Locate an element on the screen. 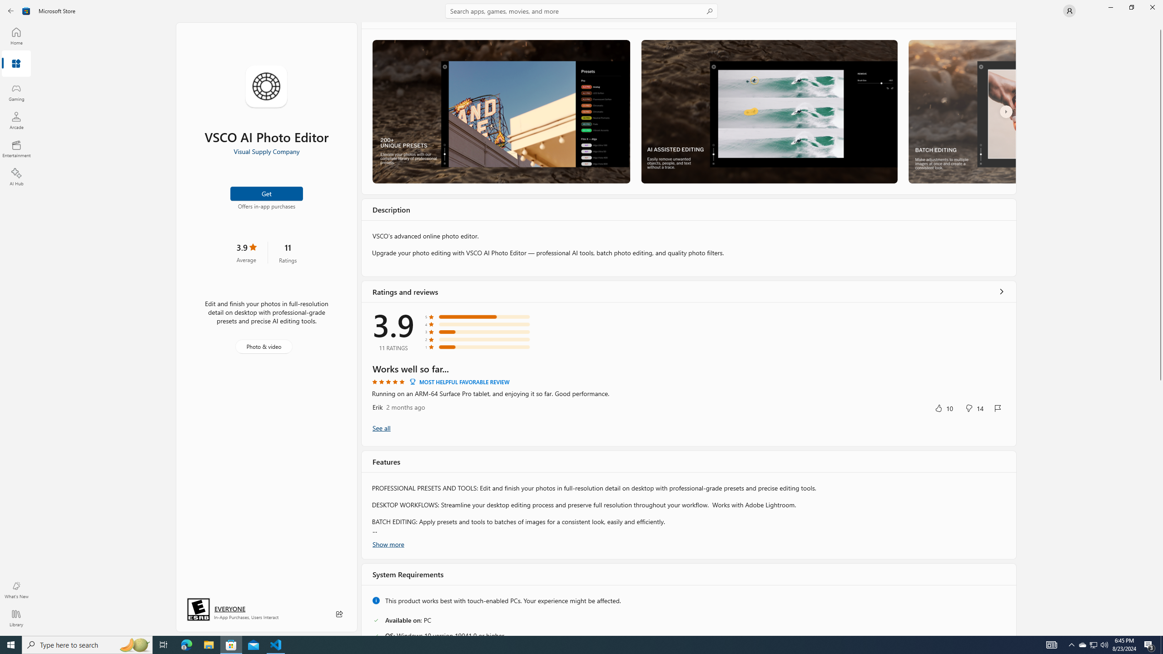 This screenshot has width=1163, height=654. 'Home' is located at coordinates (15, 35).